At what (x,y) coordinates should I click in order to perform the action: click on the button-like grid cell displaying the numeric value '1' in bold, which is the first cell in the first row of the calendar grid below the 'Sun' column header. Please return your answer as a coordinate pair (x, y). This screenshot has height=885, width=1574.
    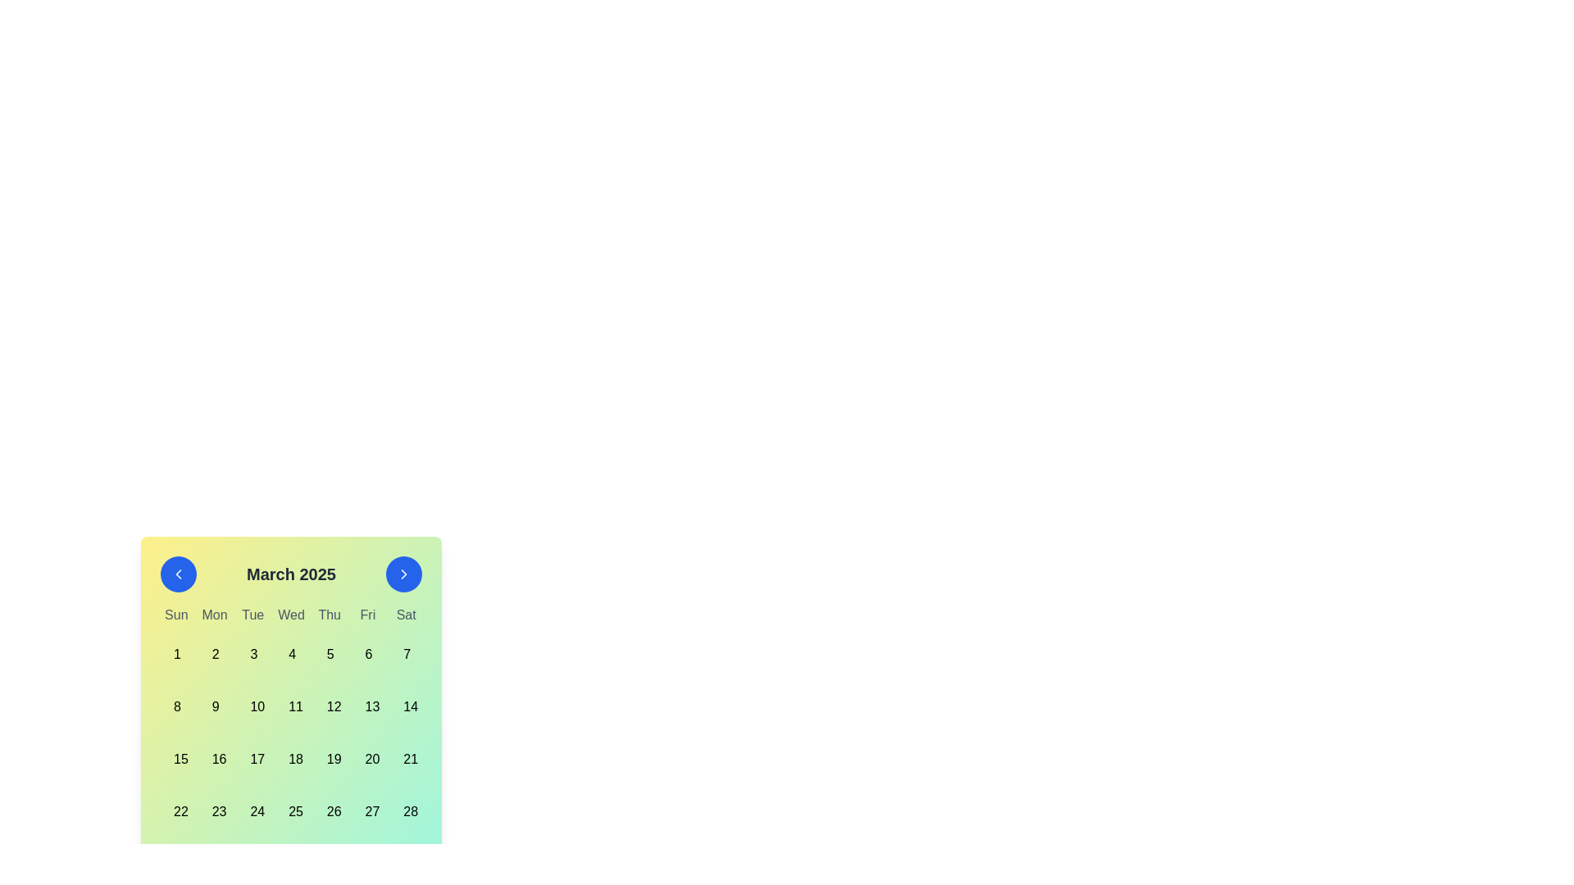
    Looking at the image, I should click on (176, 653).